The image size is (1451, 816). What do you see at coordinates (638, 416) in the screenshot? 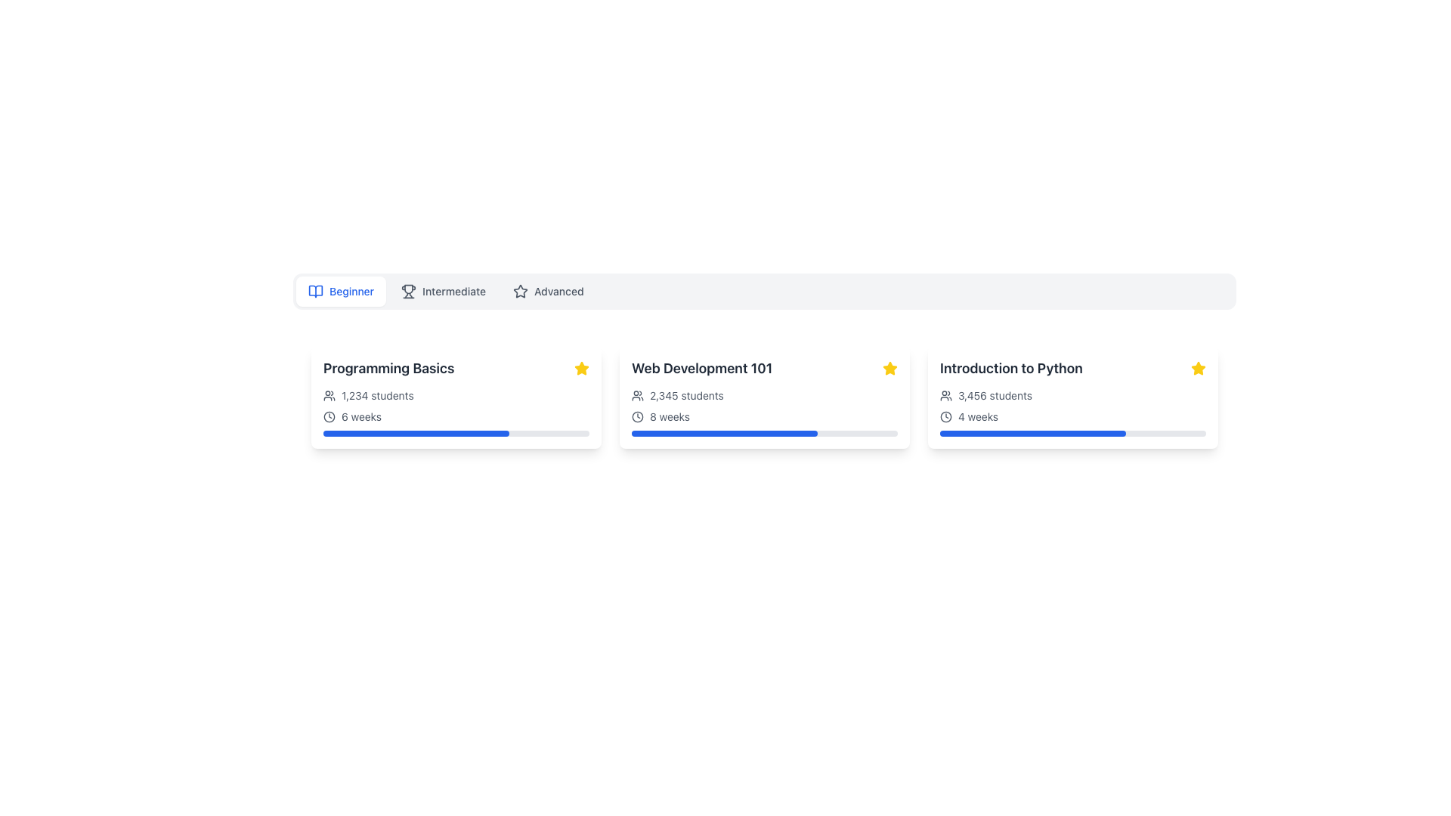
I see `the inner circular part of the clock icon located to the left of the '8 weeks' duration text within the 'Web Development 101' card` at bounding box center [638, 416].